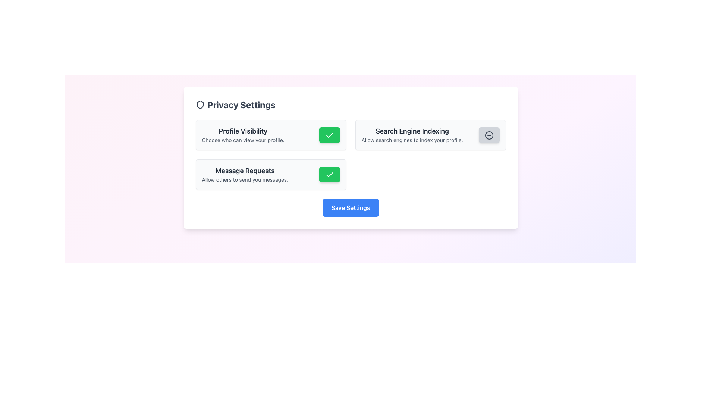 The image size is (716, 403). Describe the element at coordinates (412, 140) in the screenshot. I see `the text element that provides additional information for the 'Search Engine Indexing' option, located below the heading in the privacy settings interface` at that location.